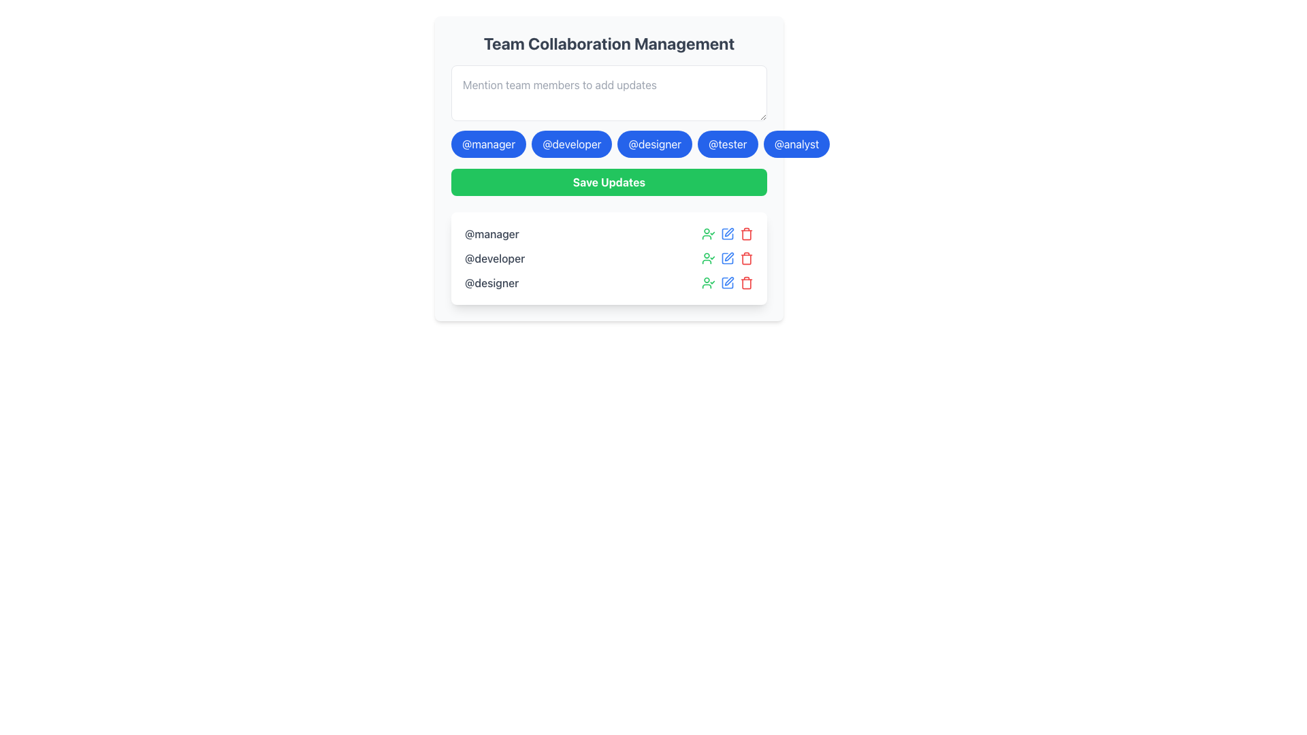 Image resolution: width=1307 pixels, height=735 pixels. Describe the element at coordinates (727, 233) in the screenshot. I see `the edit icon located to the right of the text '@developer' in the second row of the list` at that location.